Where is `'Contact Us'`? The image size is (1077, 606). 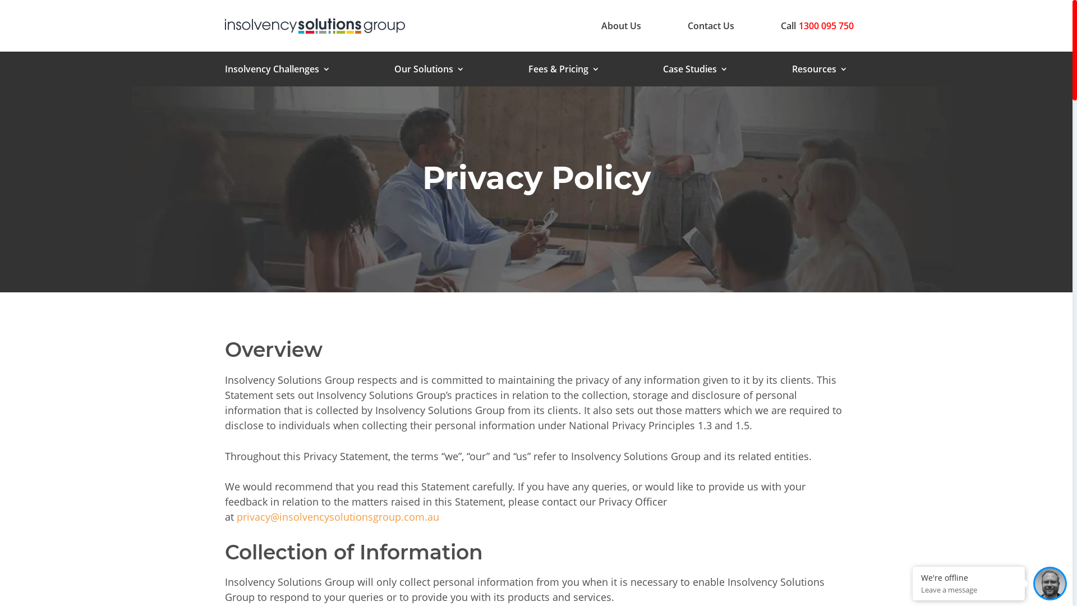
'Contact Us' is located at coordinates (710, 25).